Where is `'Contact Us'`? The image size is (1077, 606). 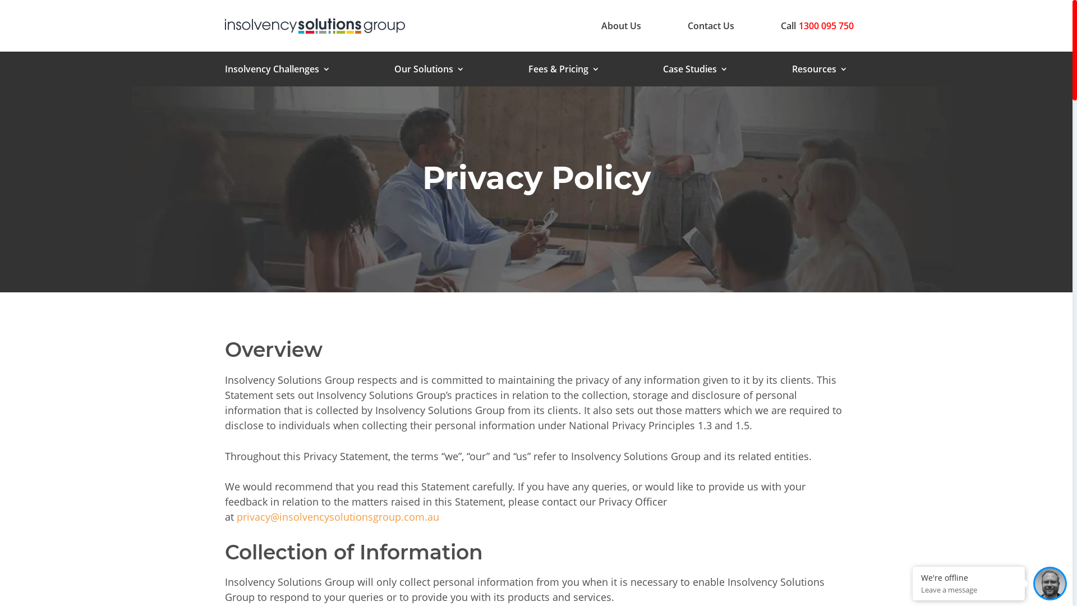
'Contact Us' is located at coordinates (710, 25).